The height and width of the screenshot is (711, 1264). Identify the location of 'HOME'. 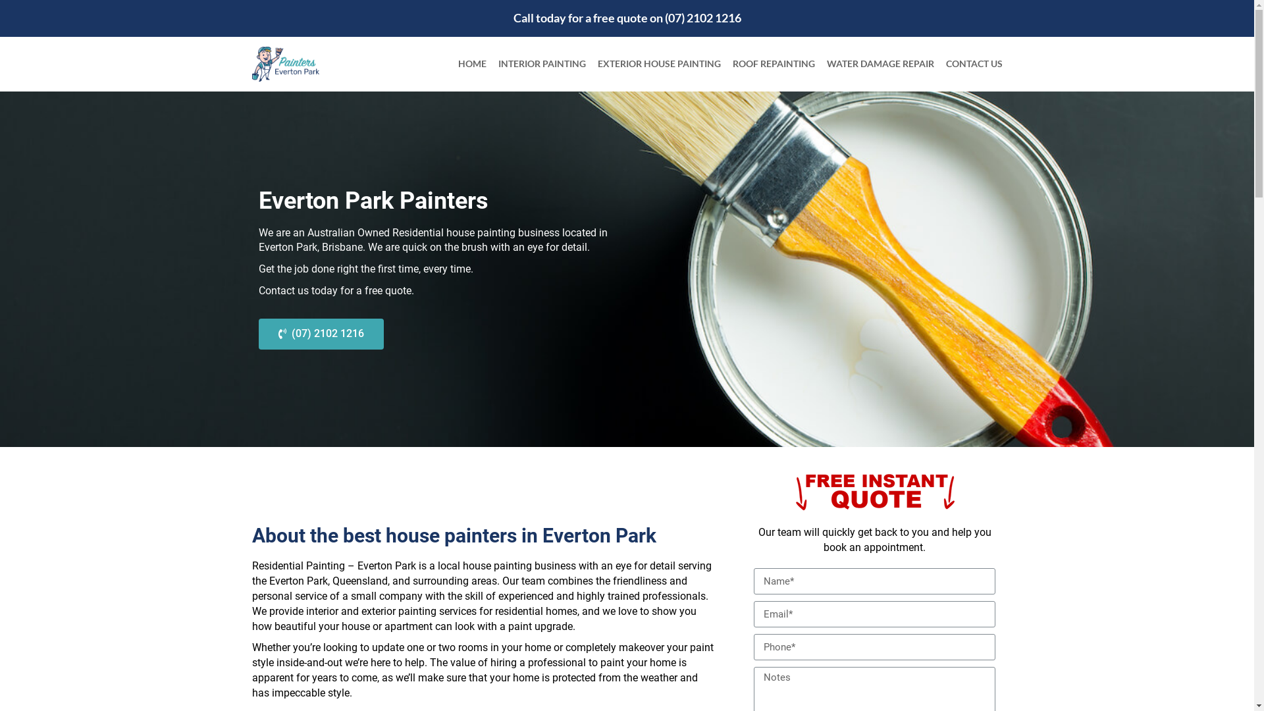
(472, 63).